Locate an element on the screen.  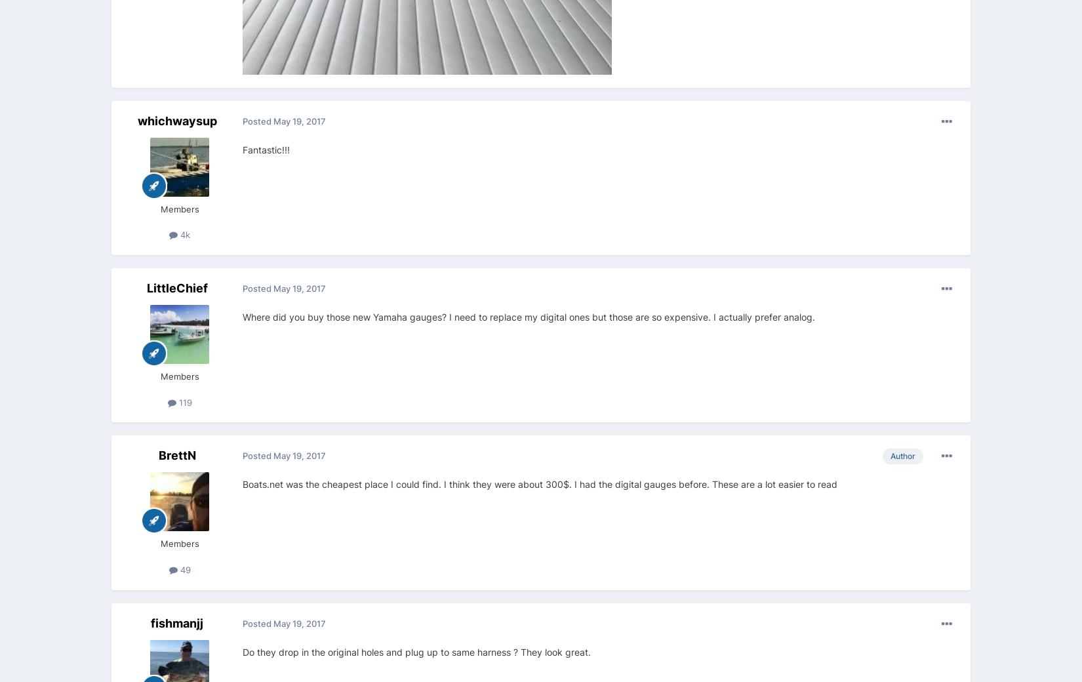
'whichwaysup' is located at coordinates (176, 120).